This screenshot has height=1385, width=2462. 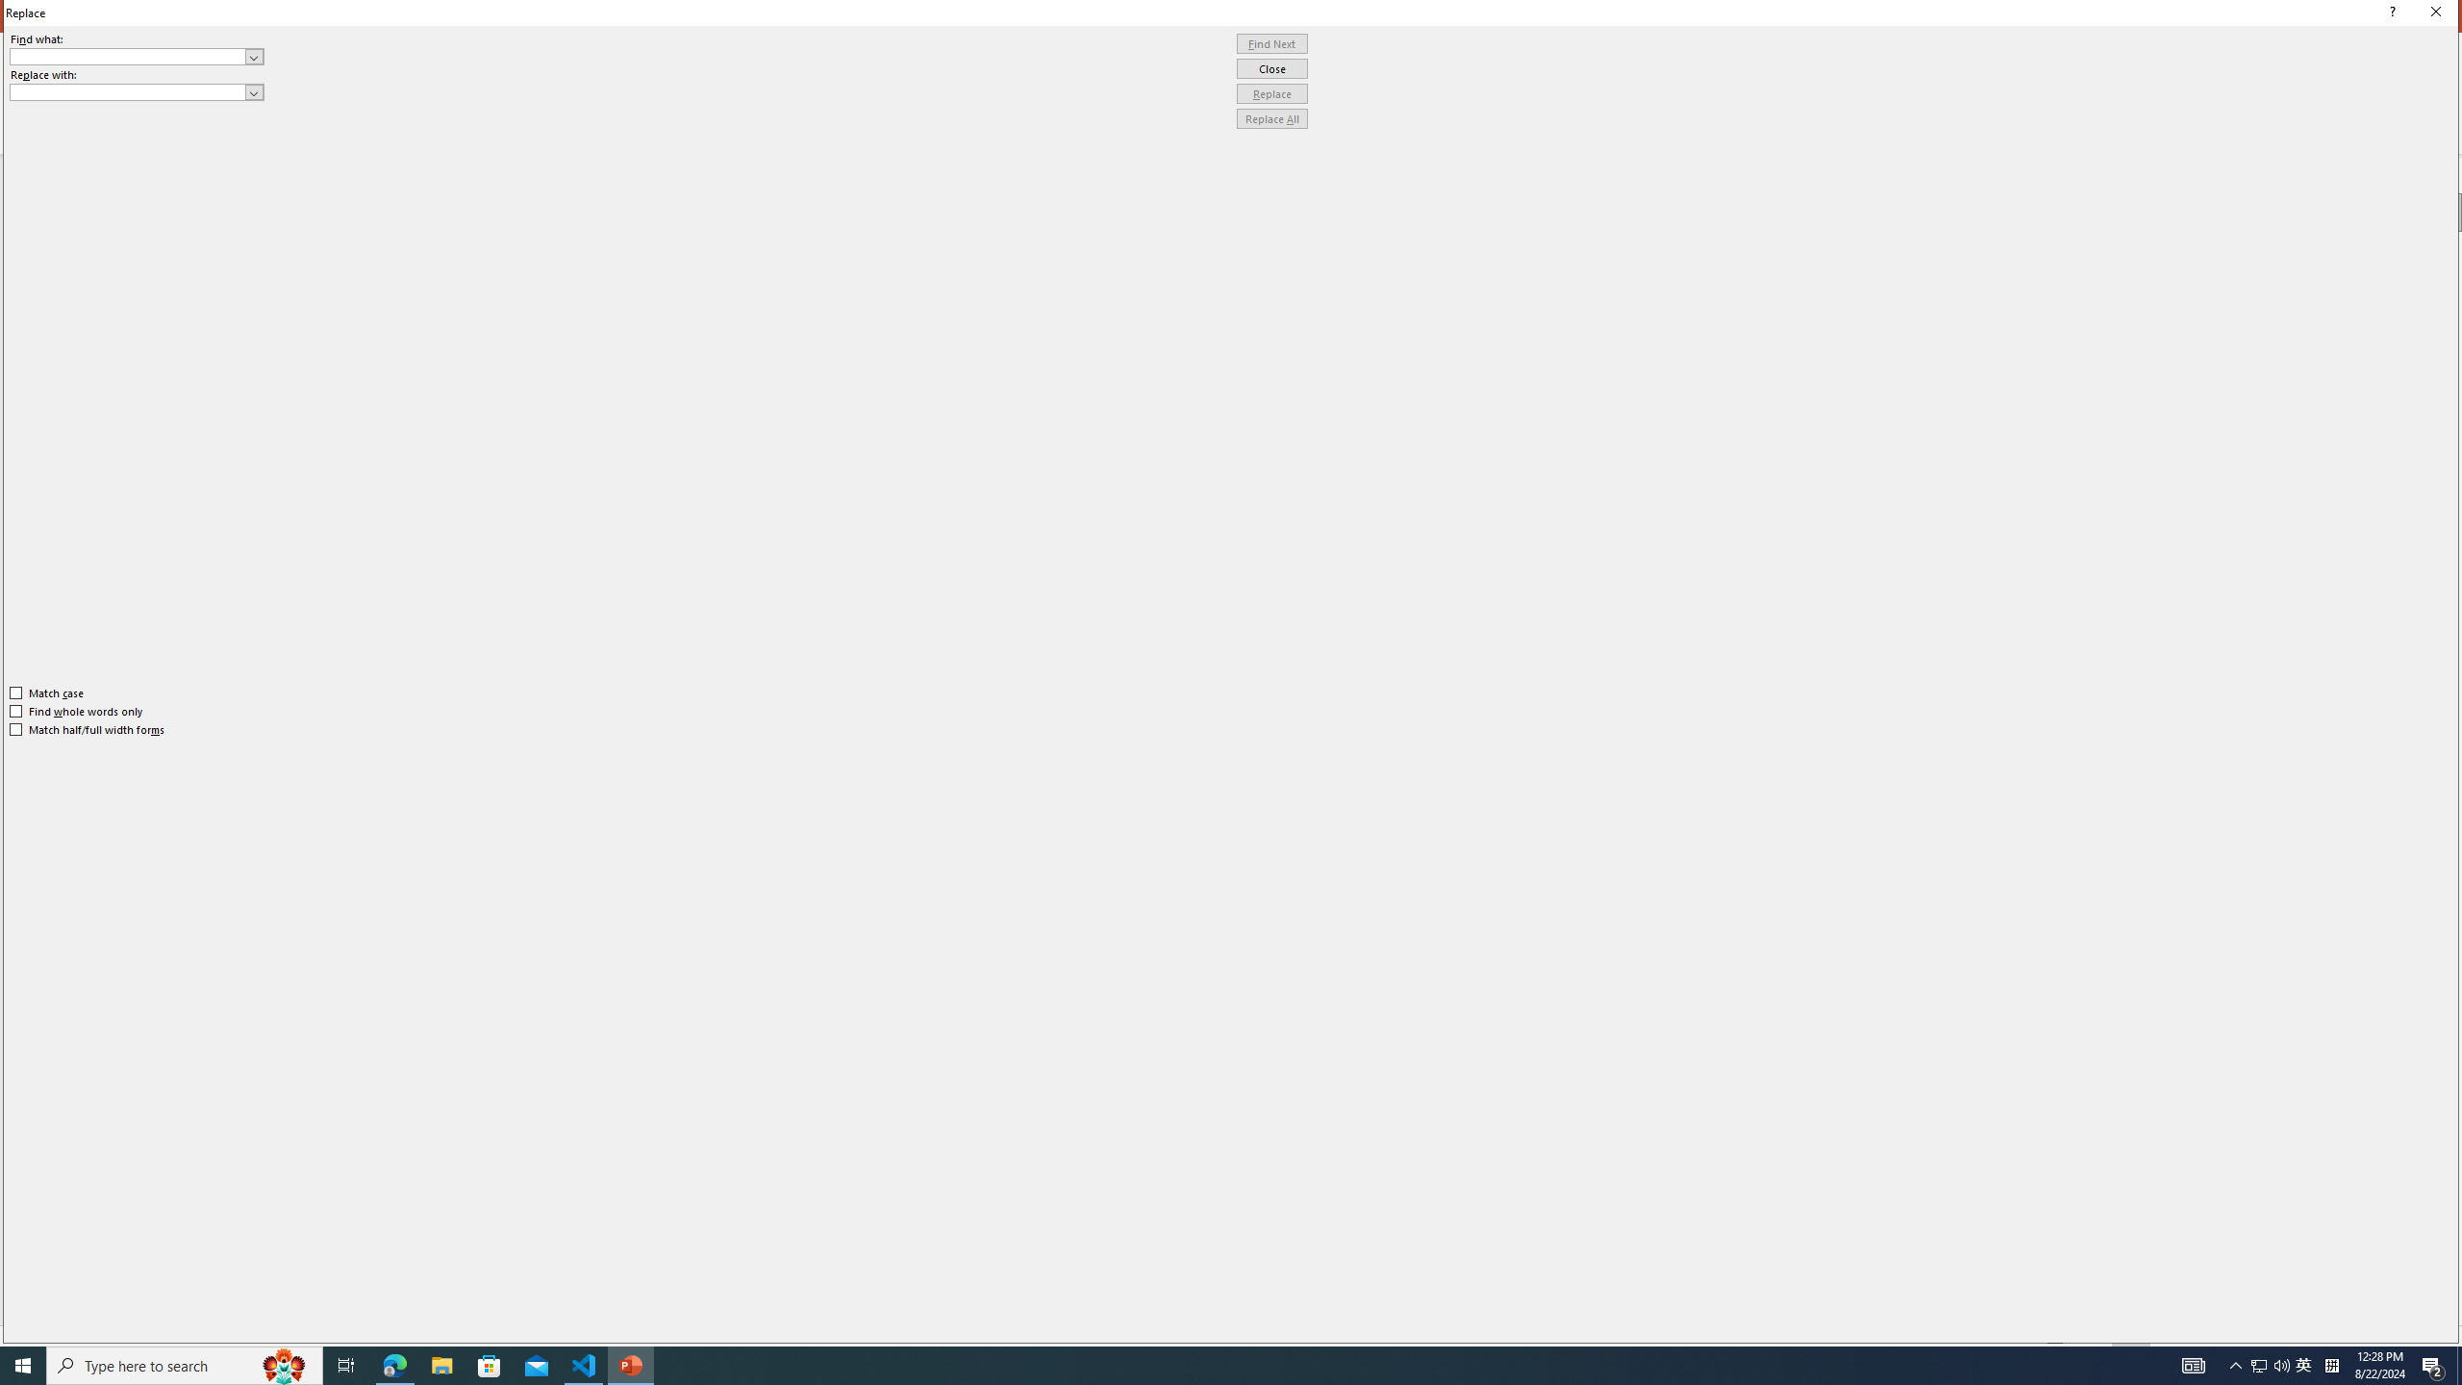 I want to click on 'Replace All', so click(x=1271, y=117).